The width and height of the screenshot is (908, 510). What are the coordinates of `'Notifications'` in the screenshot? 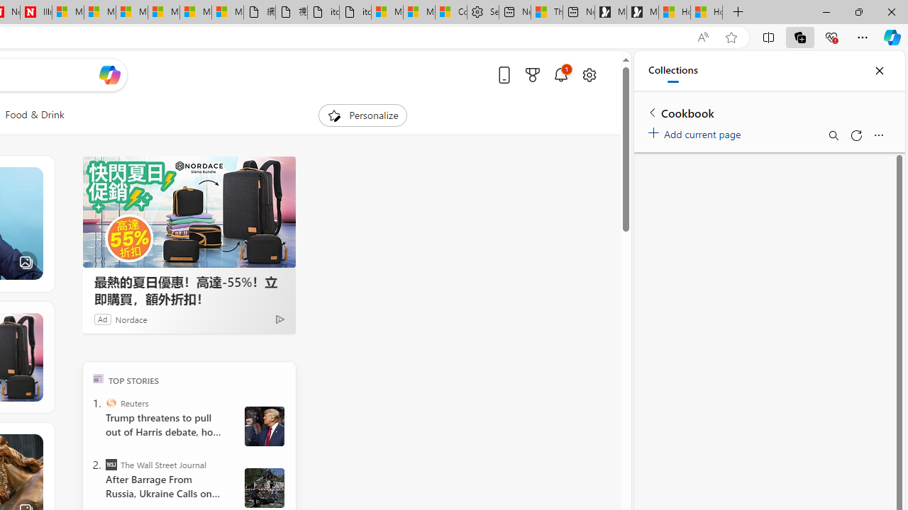 It's located at (560, 74).